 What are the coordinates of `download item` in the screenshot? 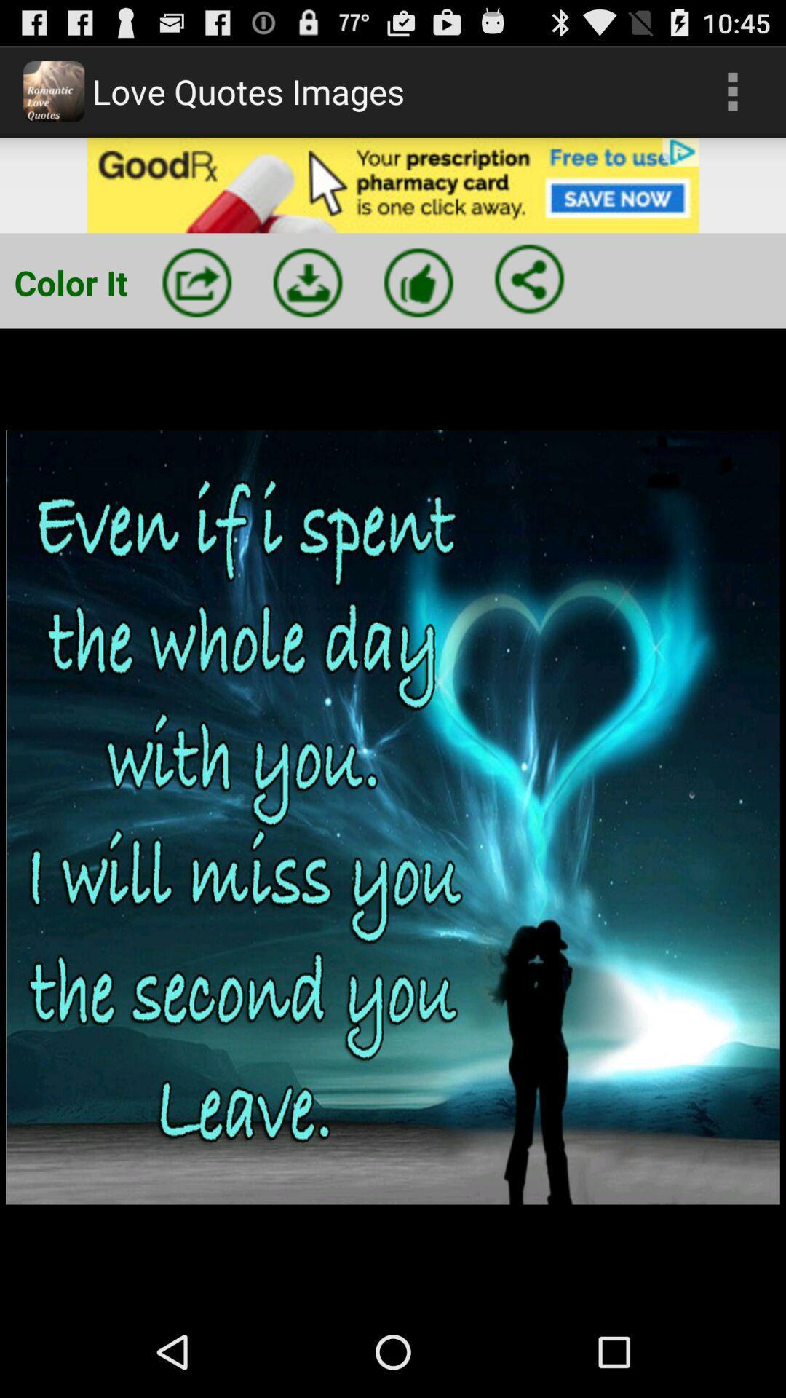 It's located at (307, 283).